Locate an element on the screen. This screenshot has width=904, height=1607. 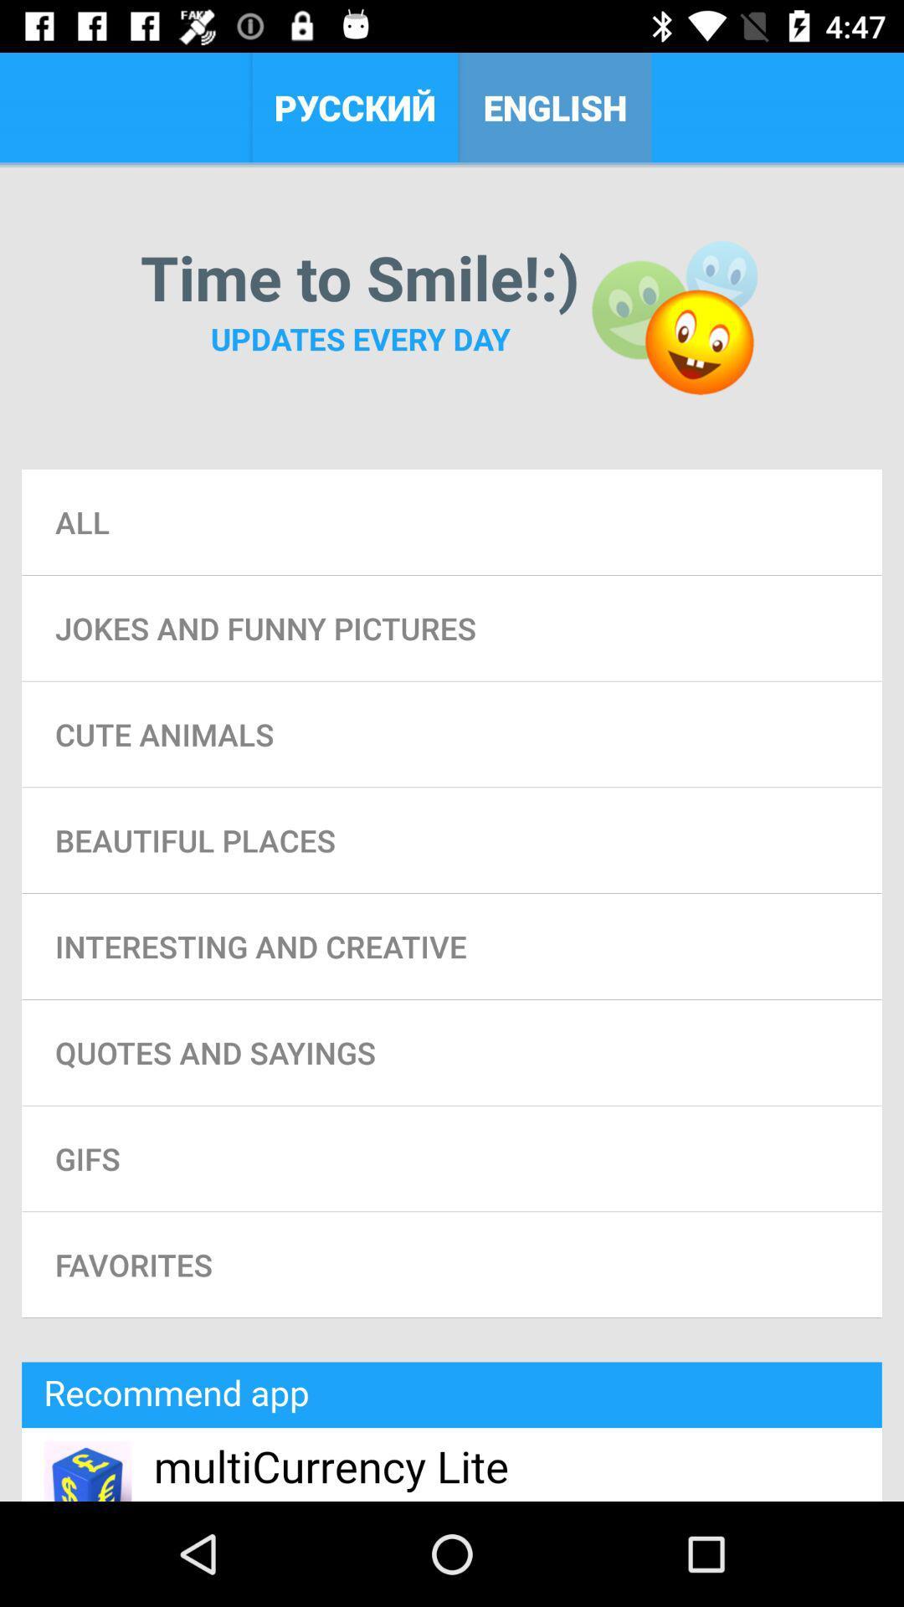
icon above cute animals icon is located at coordinates (452, 627).